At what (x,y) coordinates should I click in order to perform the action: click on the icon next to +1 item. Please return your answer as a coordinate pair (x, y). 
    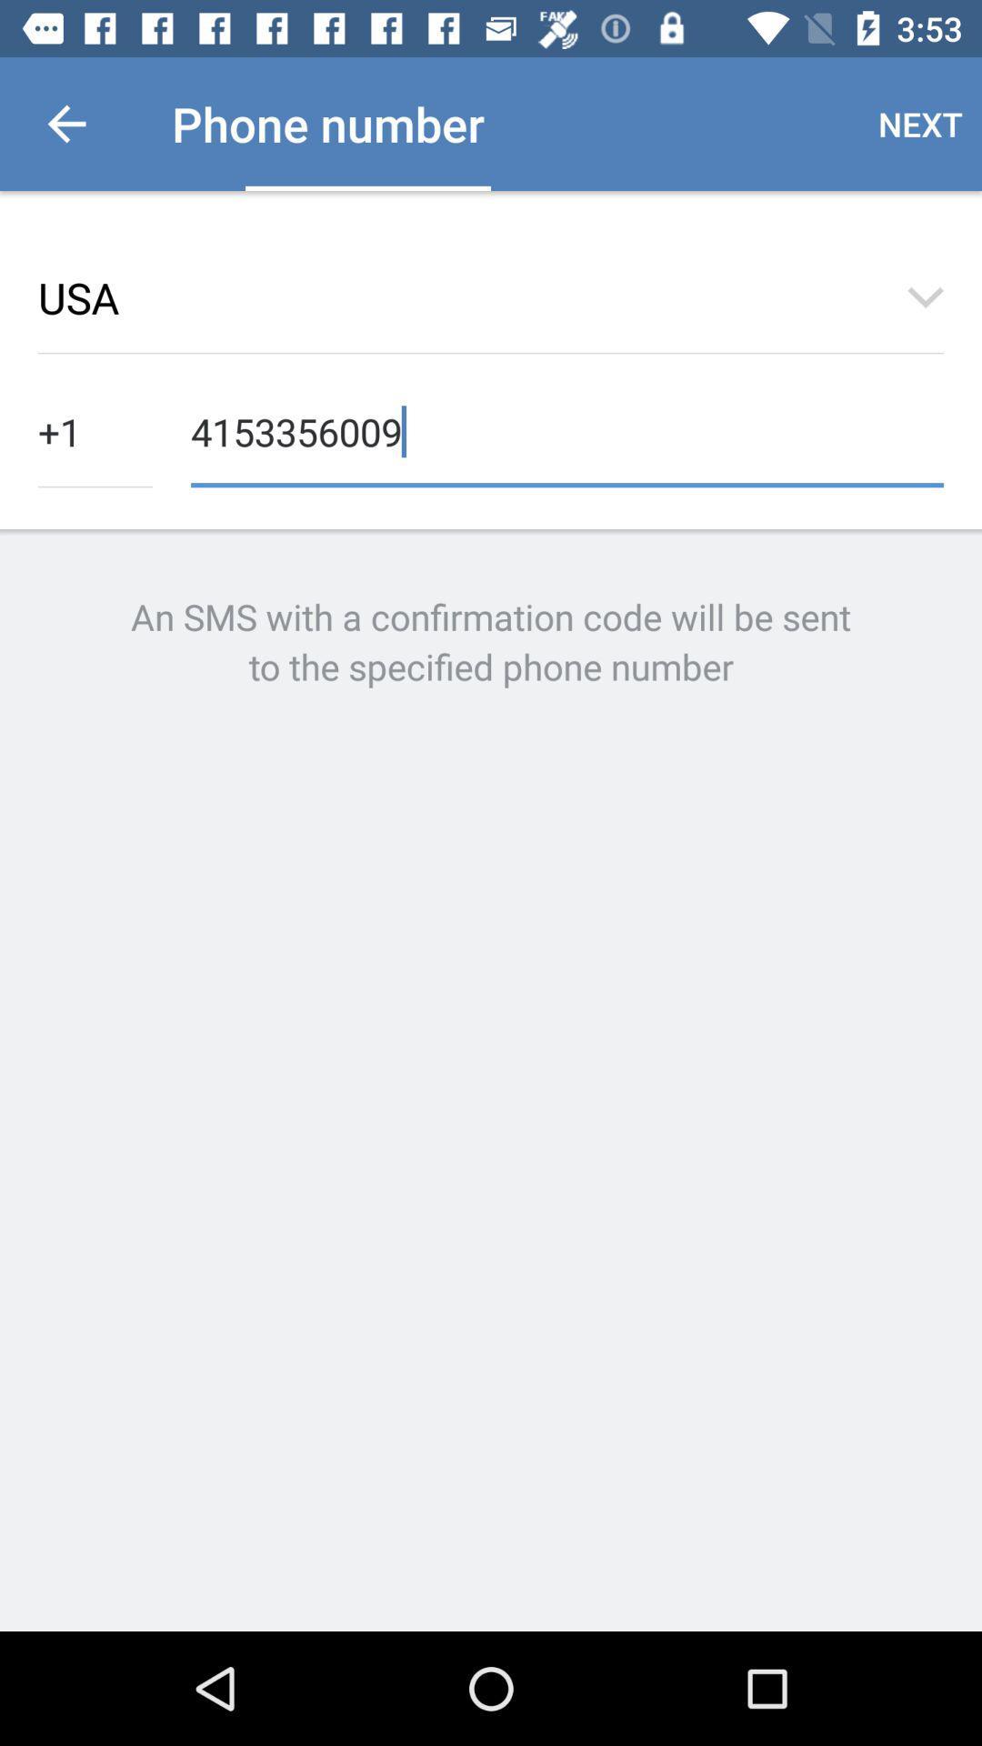
    Looking at the image, I should click on (566, 429).